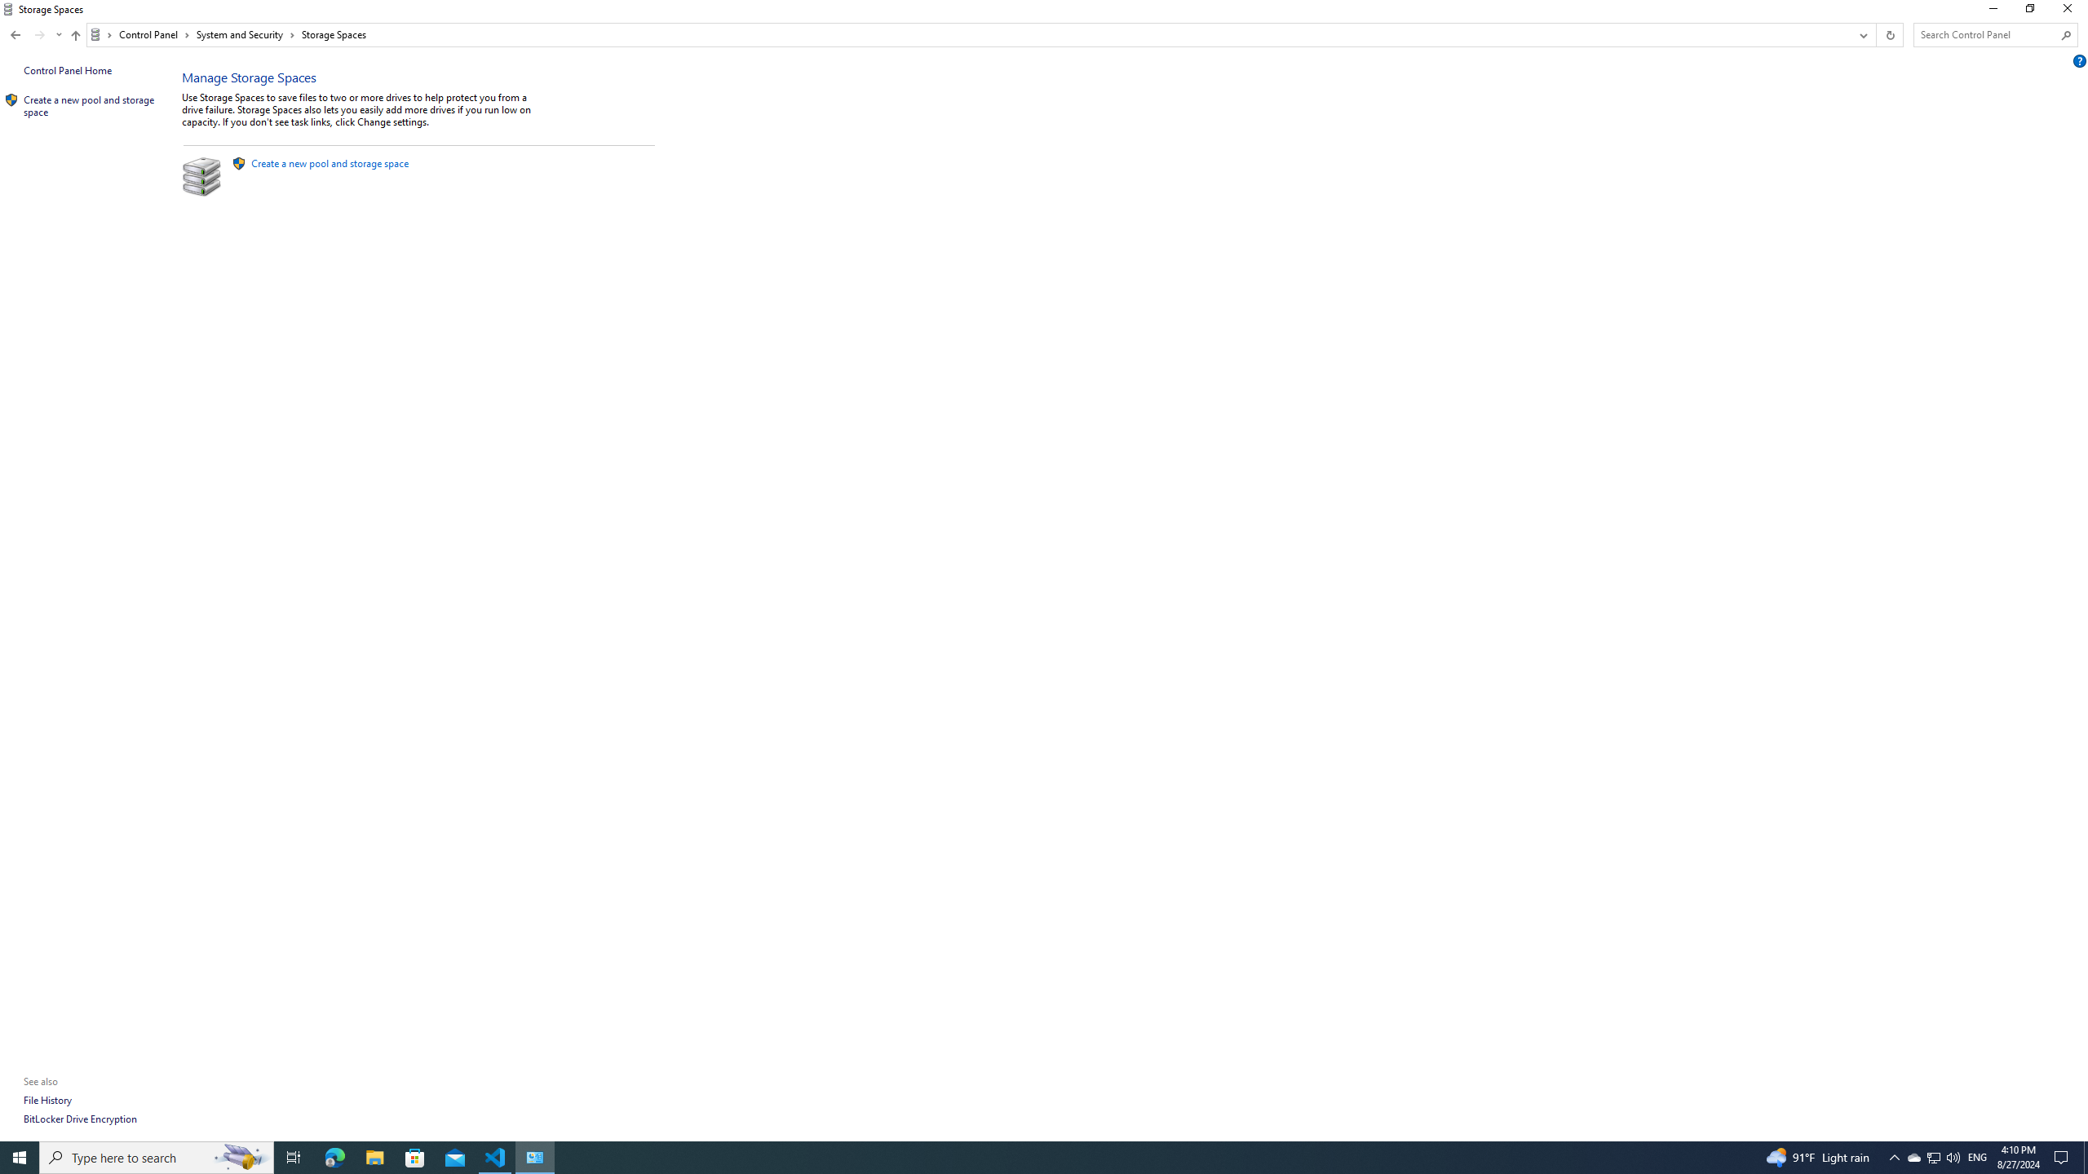 The height and width of the screenshot is (1174, 2088). I want to click on 'Address band toolbar', so click(1875, 34).